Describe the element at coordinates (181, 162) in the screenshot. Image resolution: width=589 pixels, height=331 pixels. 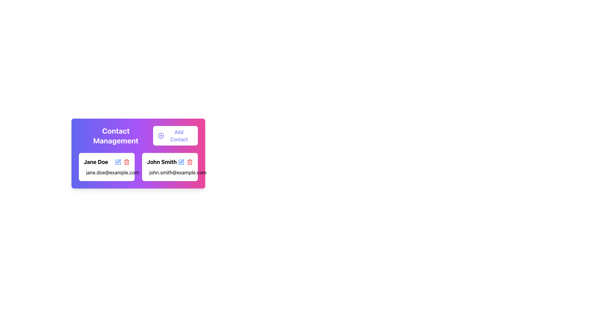
I see `the blue pen-shaped edit icon located to the right of 'John Smith' to change its appearance` at that location.